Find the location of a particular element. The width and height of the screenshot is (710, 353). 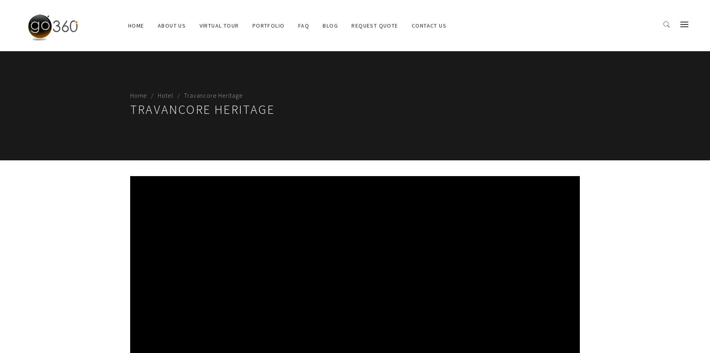

'Hotel' is located at coordinates (165, 95).